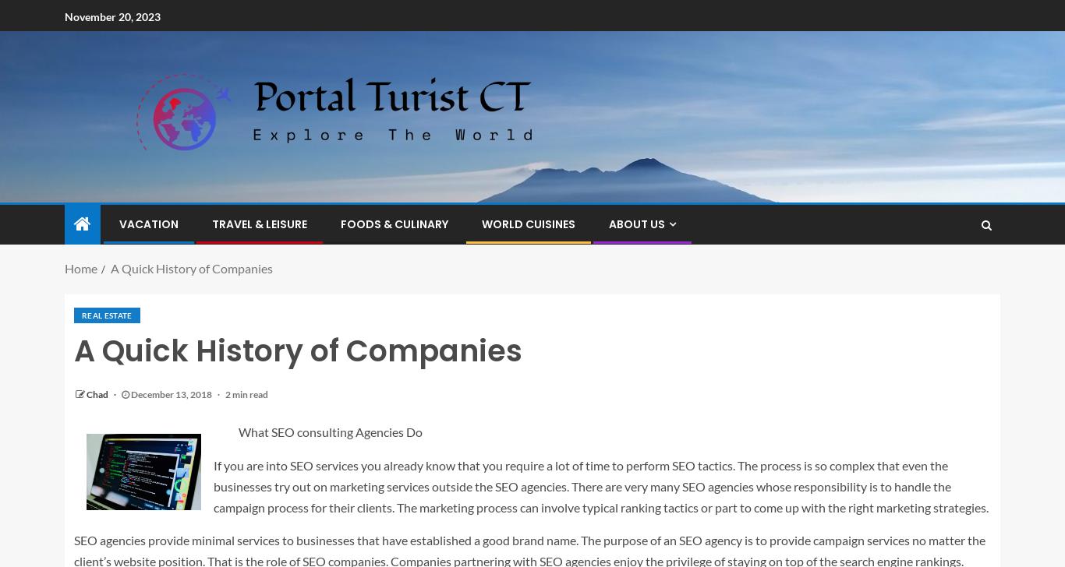 The height and width of the screenshot is (567, 1065). I want to click on 'Home', so click(80, 268).